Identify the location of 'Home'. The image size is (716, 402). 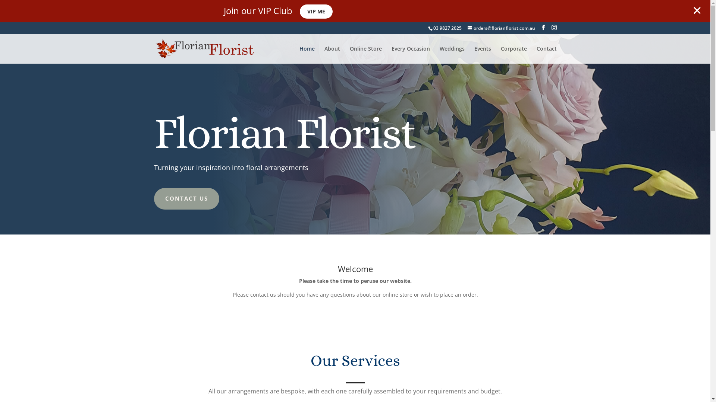
(307, 54).